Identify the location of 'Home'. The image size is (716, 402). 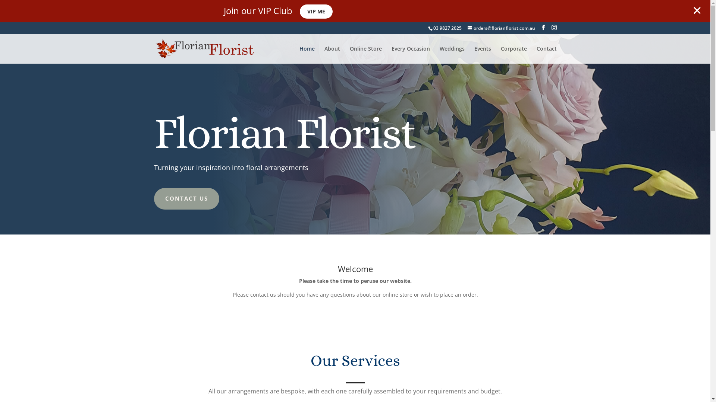
(307, 54).